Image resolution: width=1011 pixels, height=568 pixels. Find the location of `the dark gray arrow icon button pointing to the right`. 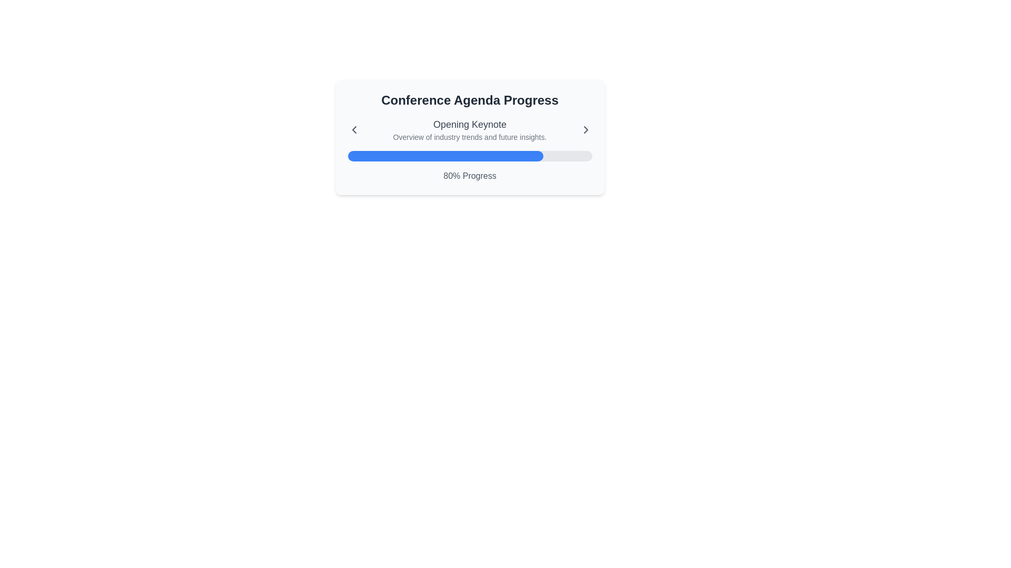

the dark gray arrow icon button pointing to the right is located at coordinates (585, 129).